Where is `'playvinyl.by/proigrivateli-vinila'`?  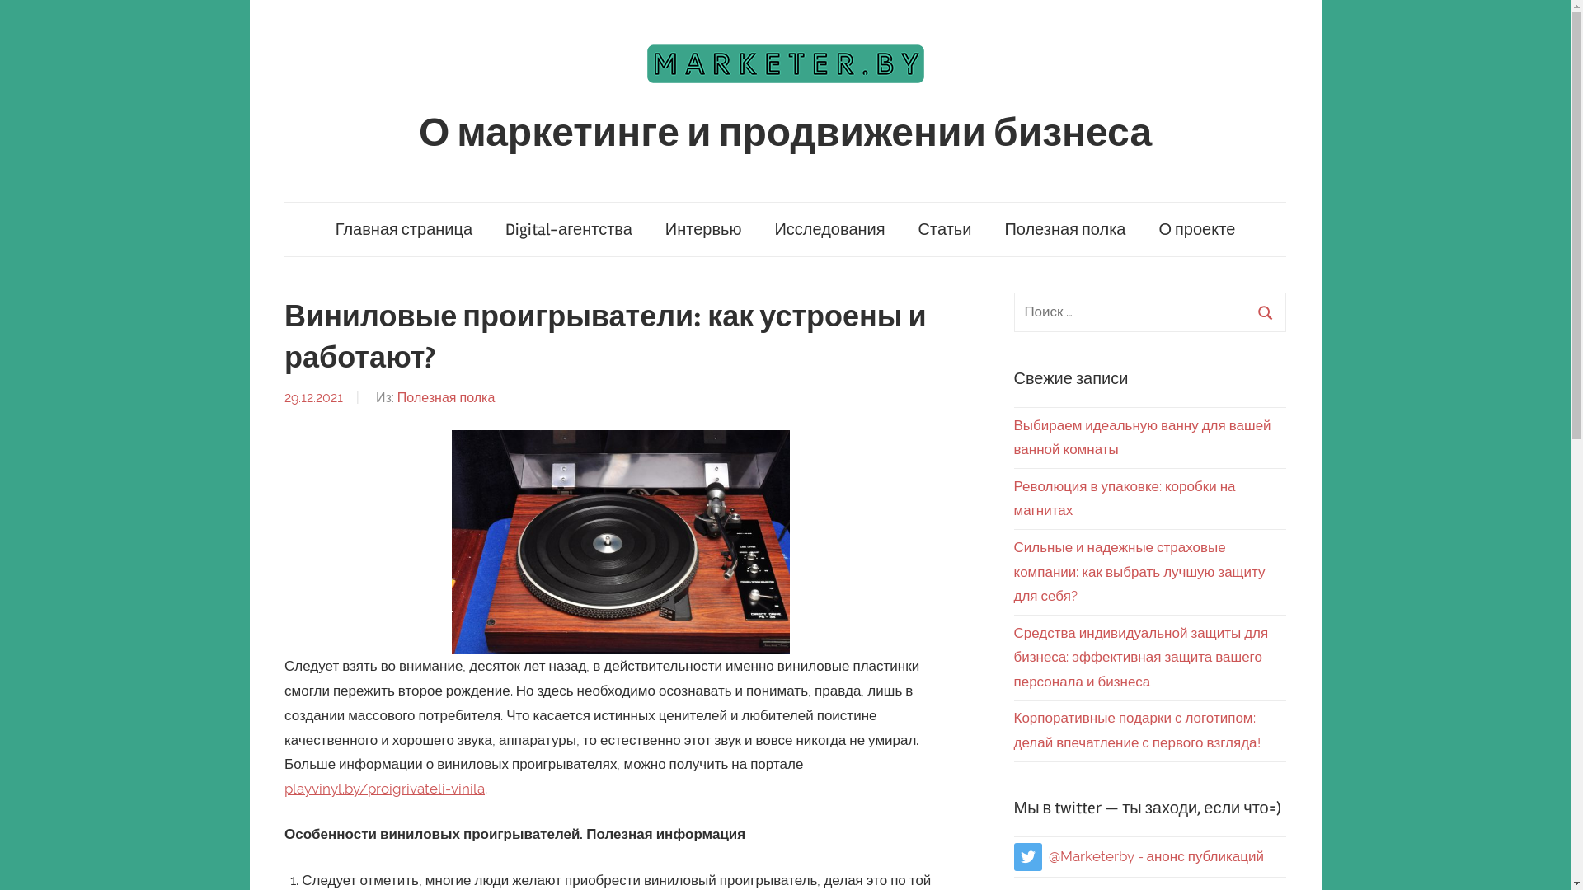
'playvinyl.by/proigrivateli-vinila' is located at coordinates (383, 787).